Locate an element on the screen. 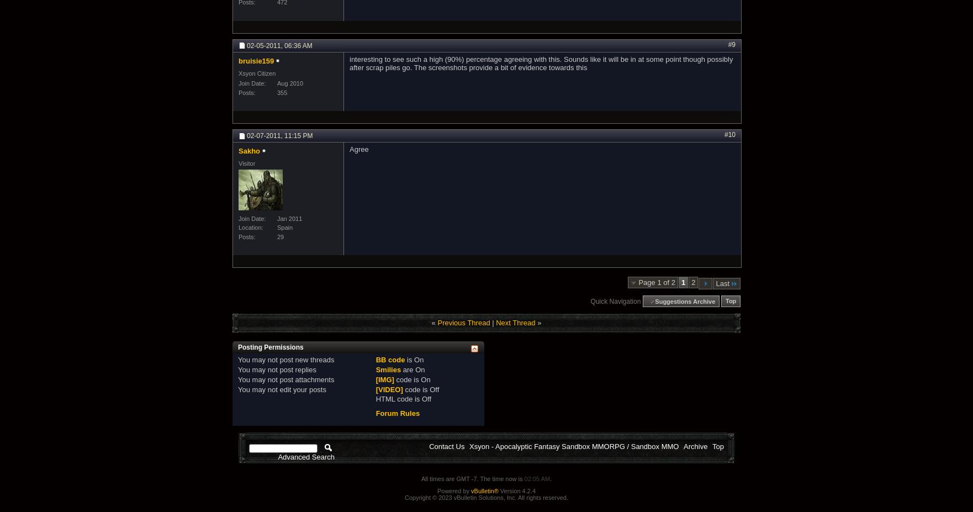 This screenshot has width=973, height=512. 'Advanced Search' is located at coordinates (305, 457).